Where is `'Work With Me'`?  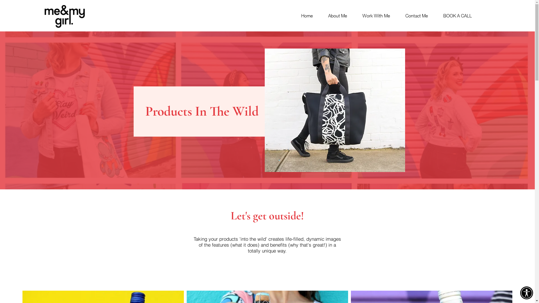 'Work With Me' is located at coordinates (373, 15).